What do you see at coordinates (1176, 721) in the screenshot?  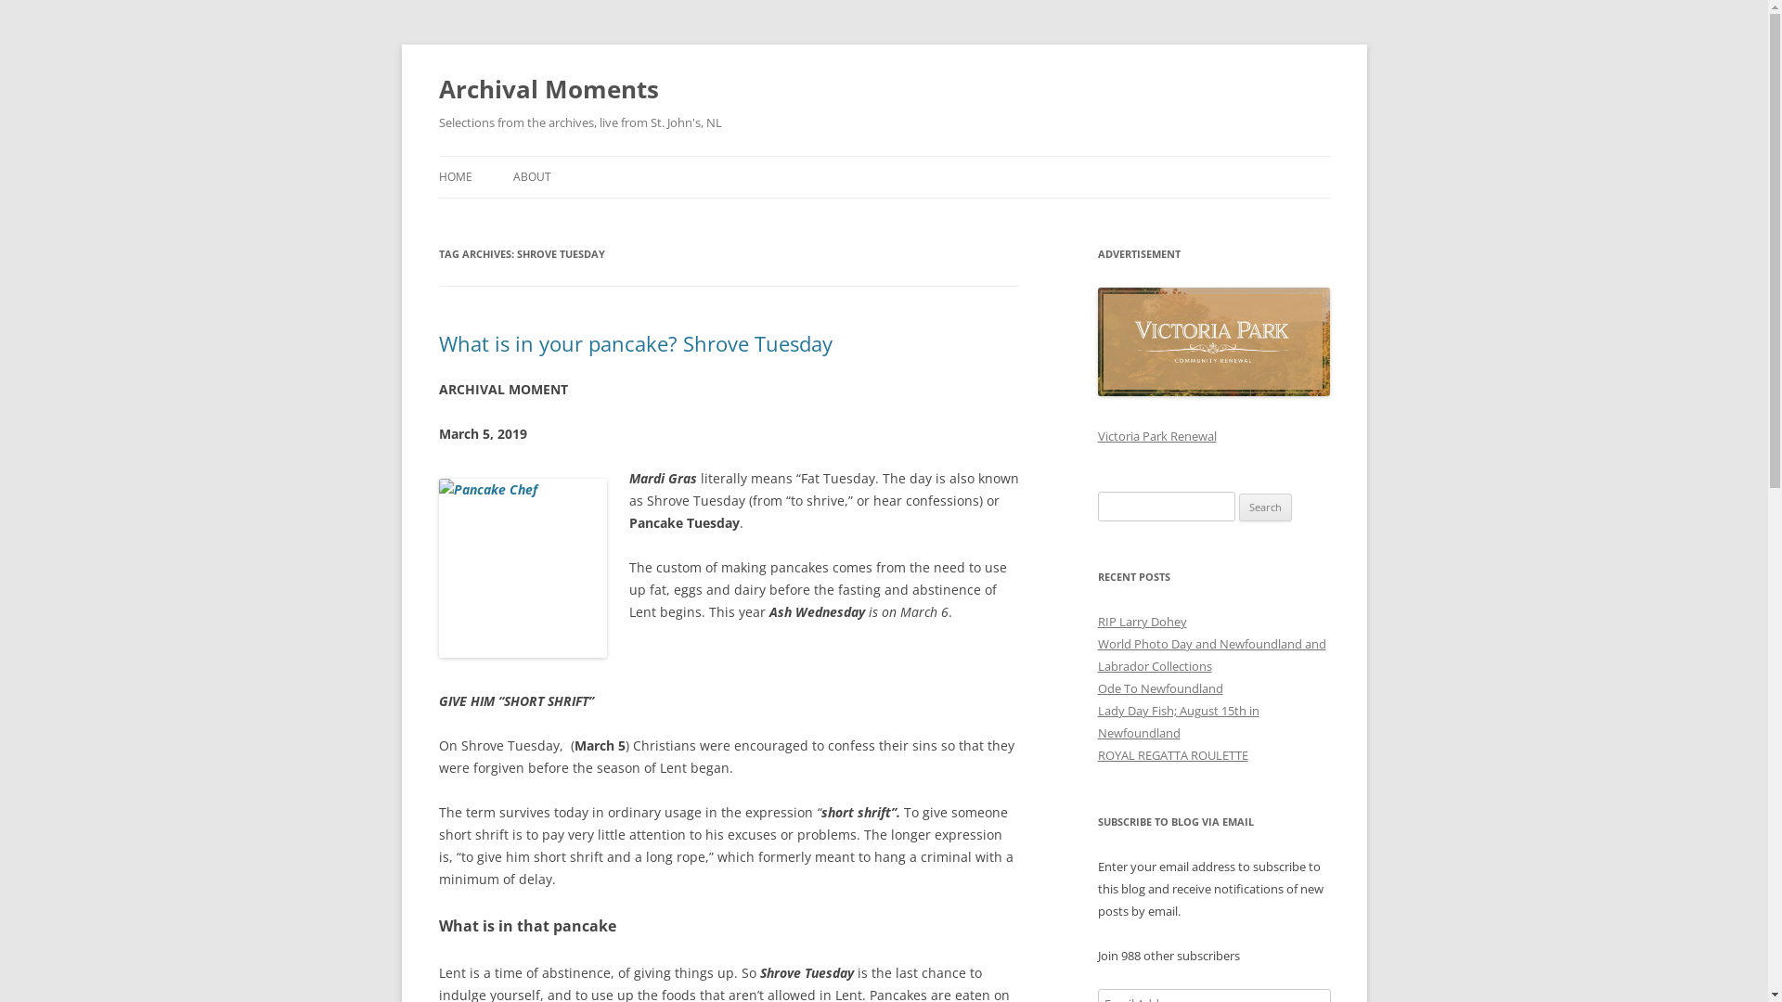 I see `'Lady Day Fish; August 15th in Newfoundland'` at bounding box center [1176, 721].